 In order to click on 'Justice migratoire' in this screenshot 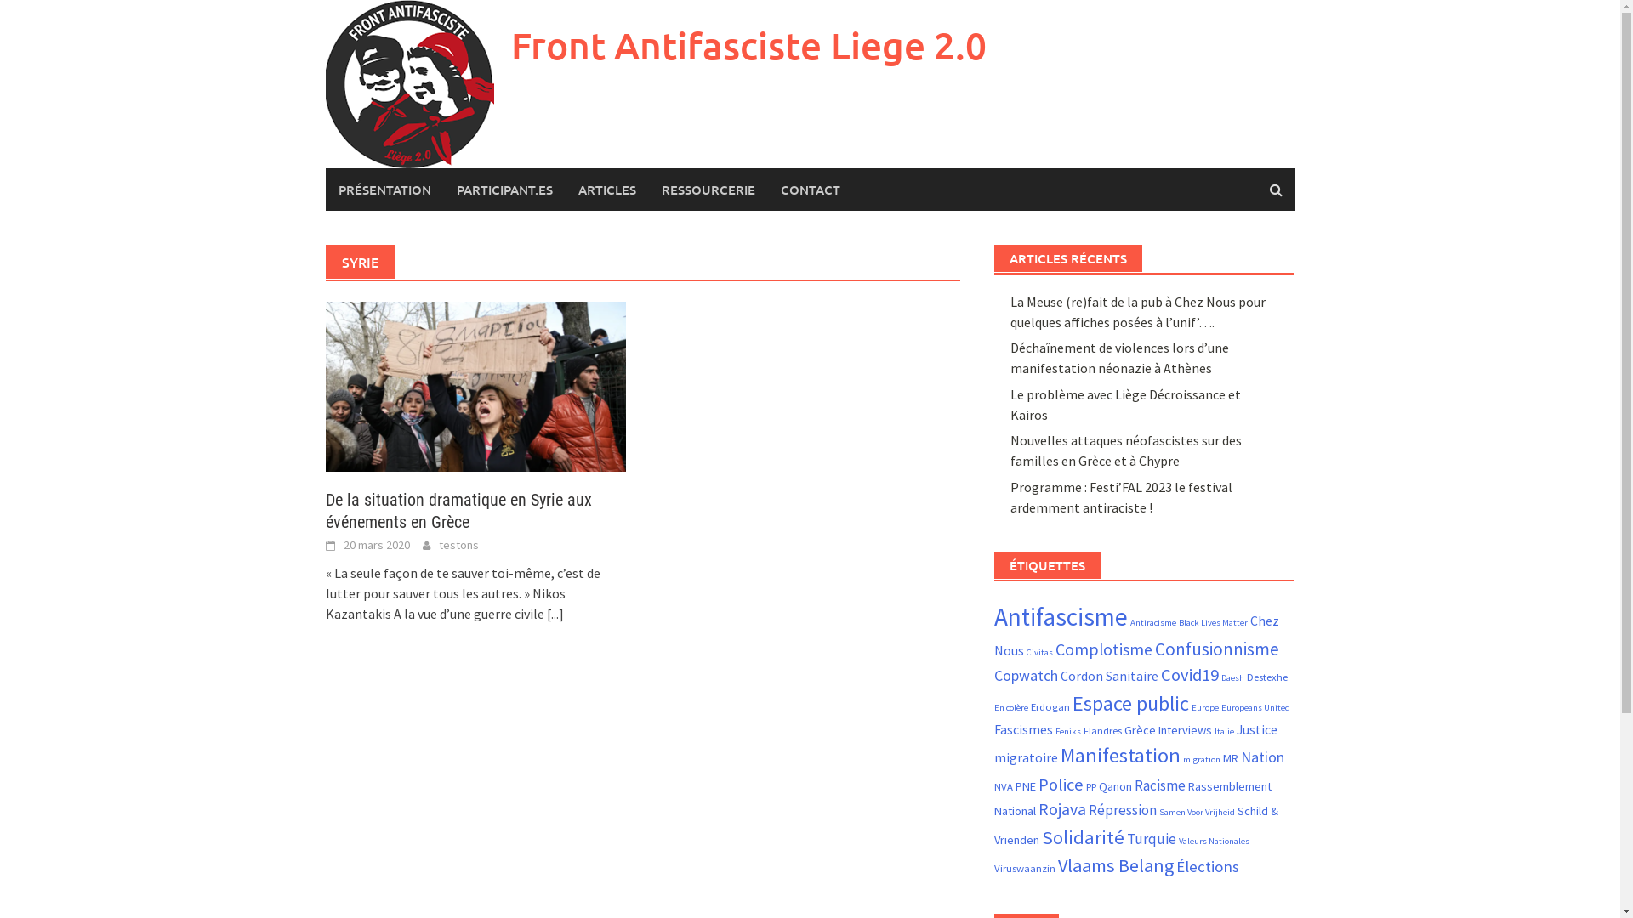, I will do `click(994, 742)`.